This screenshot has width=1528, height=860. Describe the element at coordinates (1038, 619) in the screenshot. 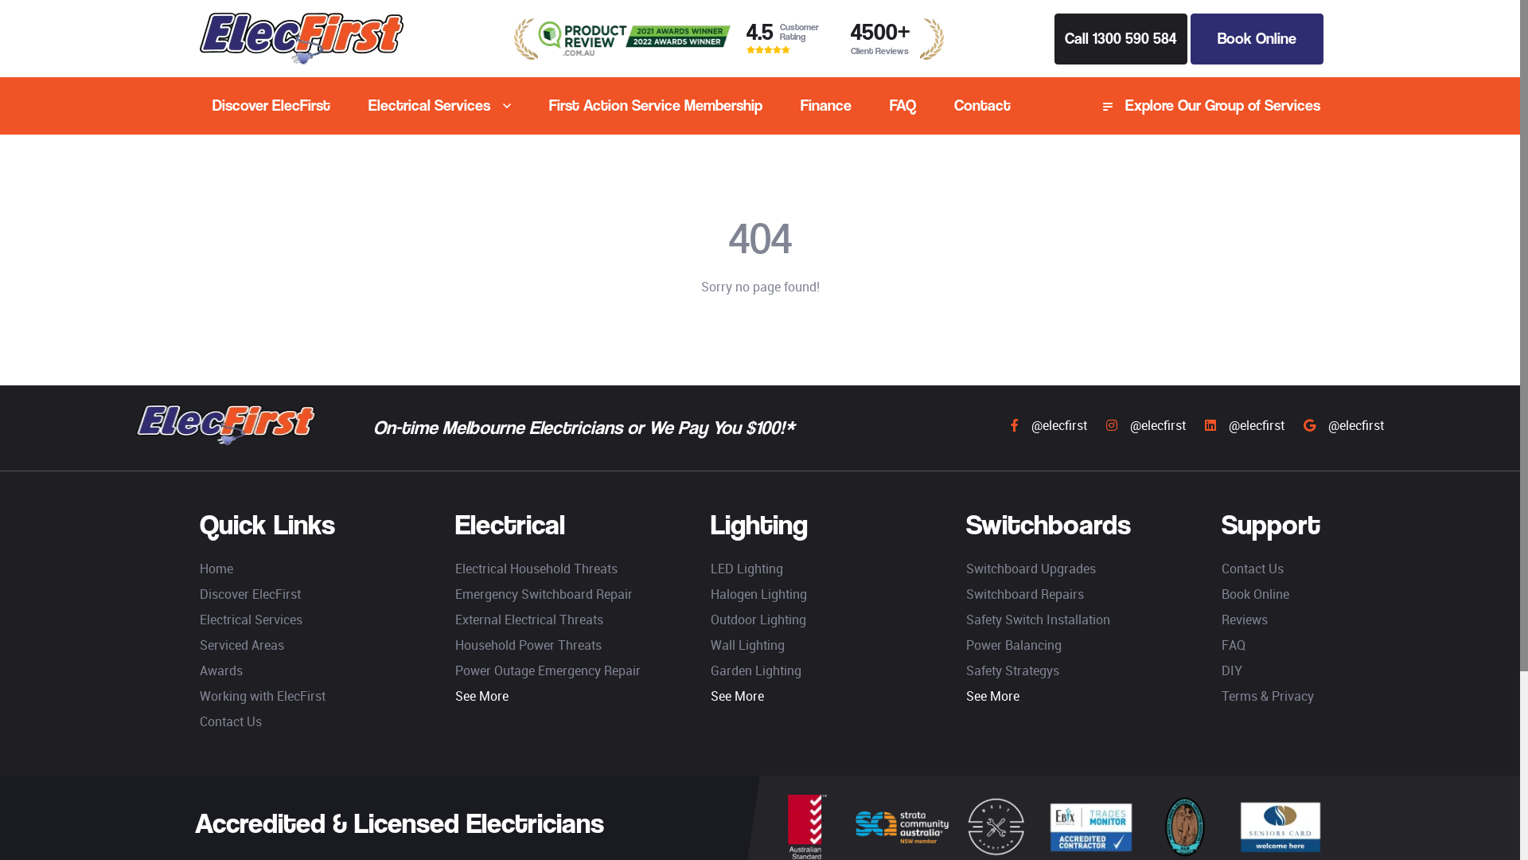

I see `'Safety Switch Installation'` at that location.